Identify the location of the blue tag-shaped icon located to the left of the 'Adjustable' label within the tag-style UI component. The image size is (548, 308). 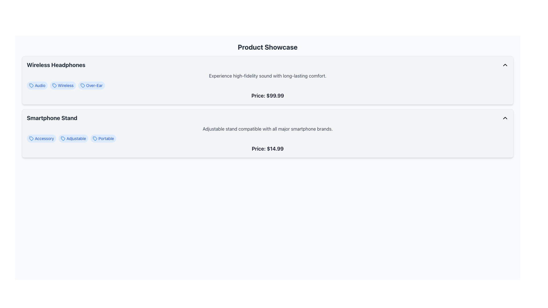
(63, 139).